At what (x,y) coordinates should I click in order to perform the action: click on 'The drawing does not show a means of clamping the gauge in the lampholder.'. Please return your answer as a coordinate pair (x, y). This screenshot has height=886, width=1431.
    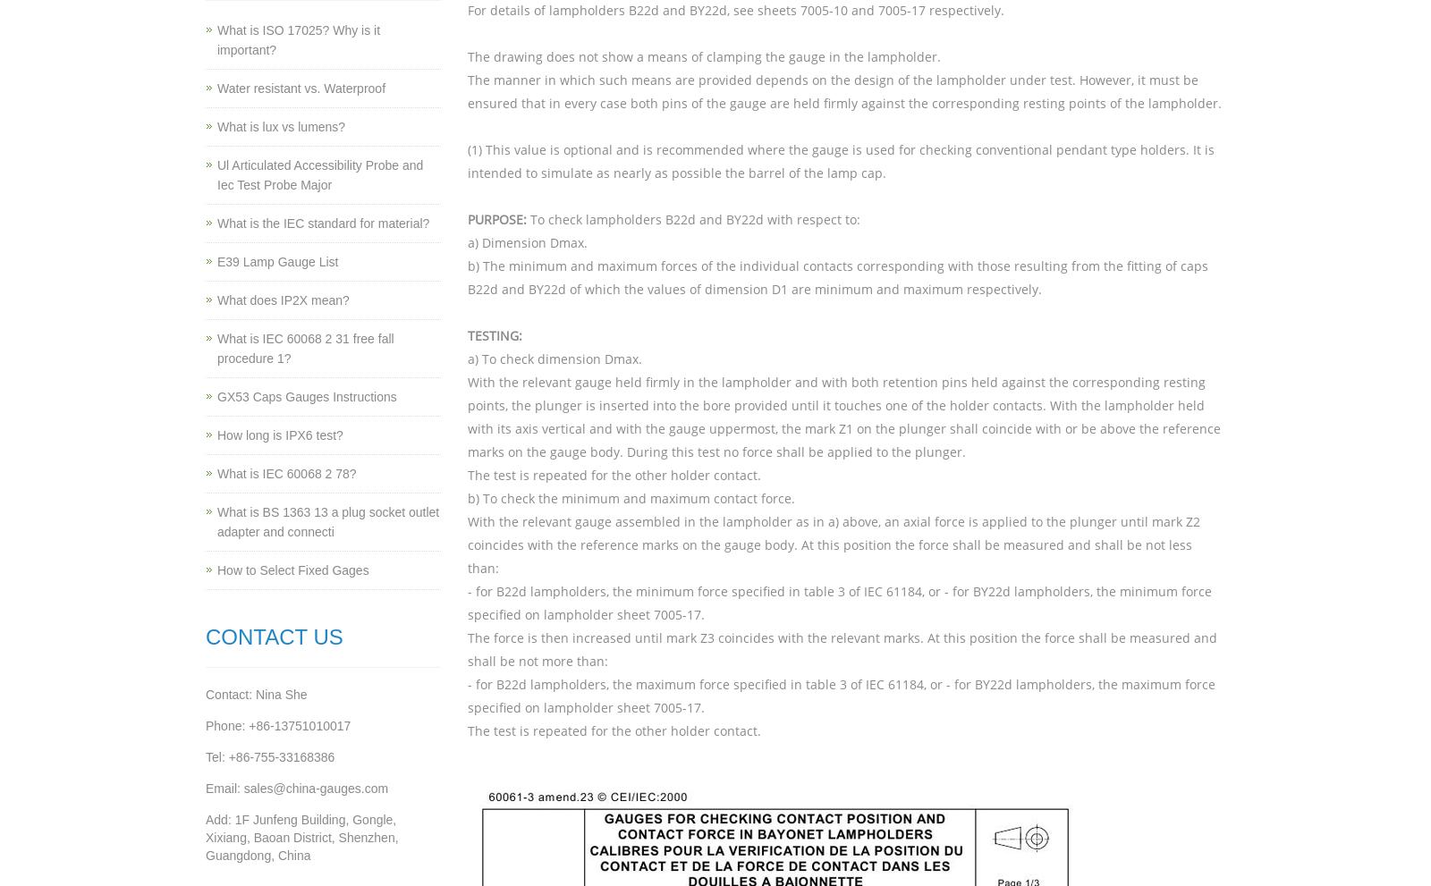
    Looking at the image, I should click on (703, 56).